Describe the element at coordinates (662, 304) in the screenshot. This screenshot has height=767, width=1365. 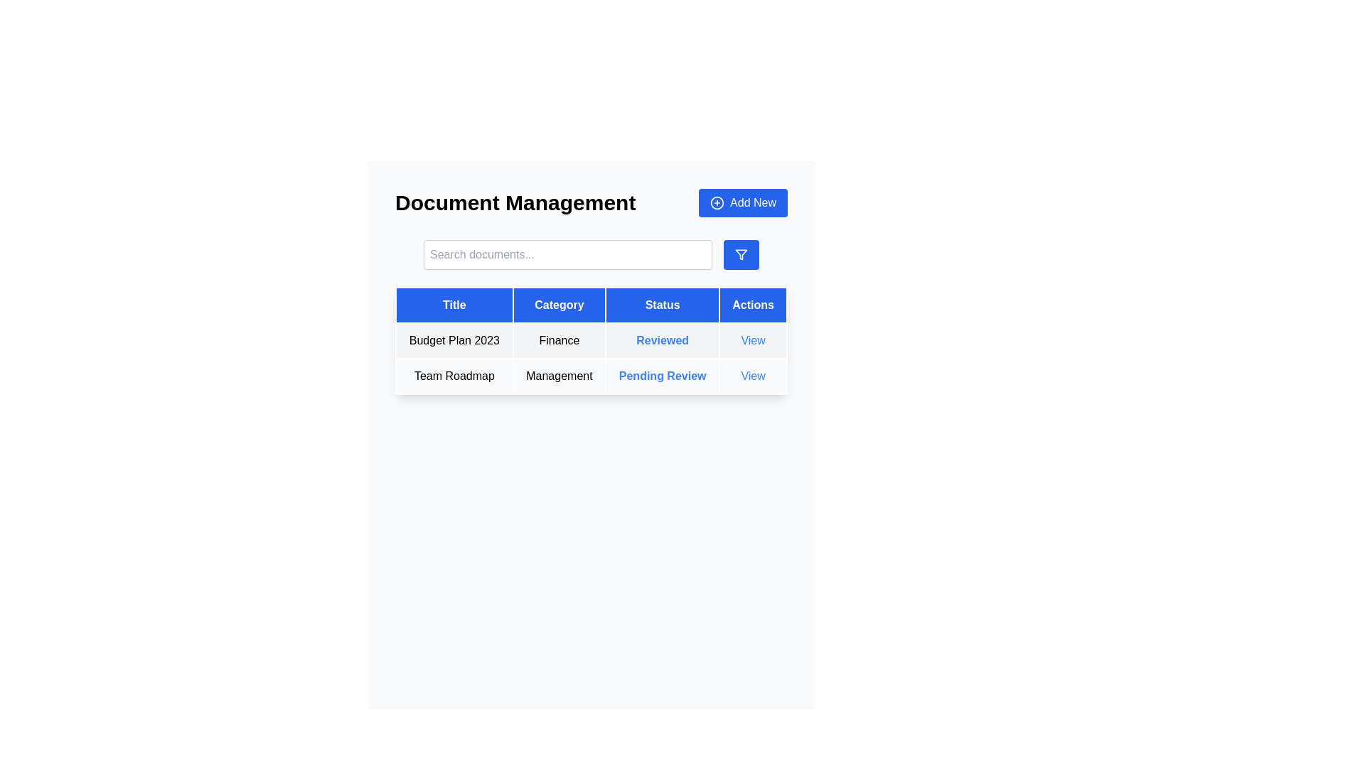
I see `the static text label indicating 'Status', which is the third box in a row of four headers in the table, located below the search bar` at that location.